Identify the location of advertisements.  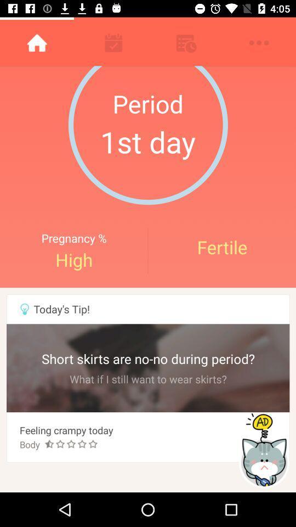
(265, 450).